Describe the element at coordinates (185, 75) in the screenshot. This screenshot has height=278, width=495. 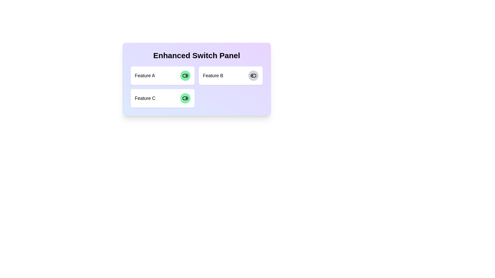
I see `the switch corresponding to Feature A` at that location.